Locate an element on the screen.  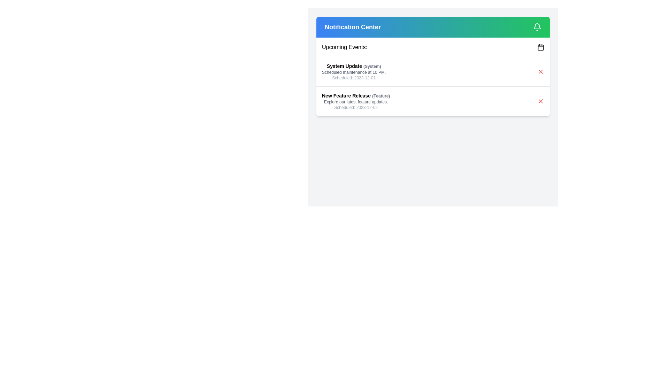
the red cross icon in the top-right corner of the 'System Update' notification card is located at coordinates (540, 101).